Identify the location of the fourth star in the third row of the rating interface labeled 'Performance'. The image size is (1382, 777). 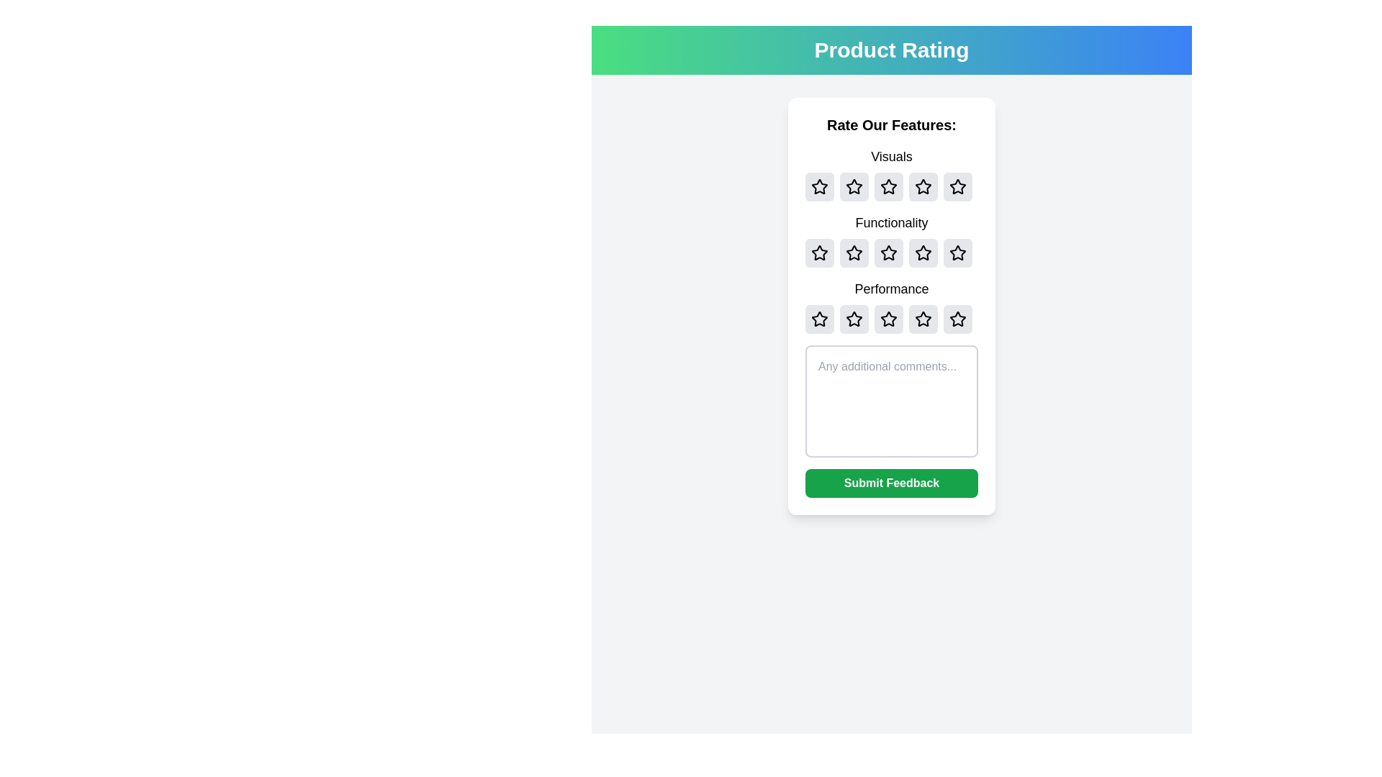
(923, 318).